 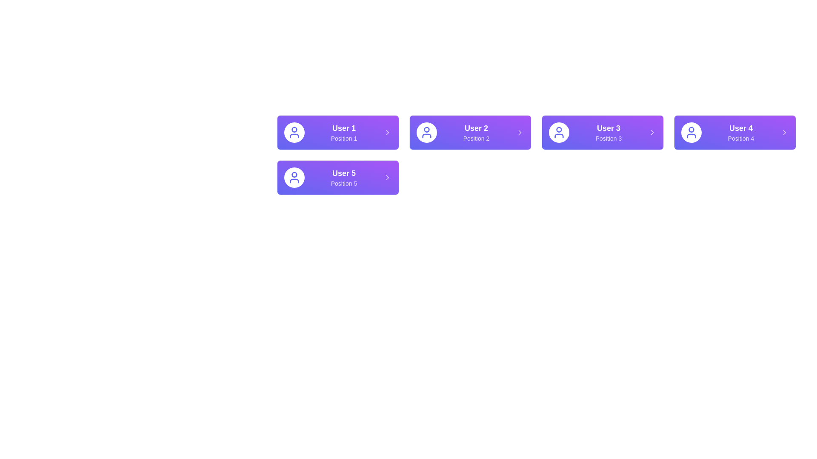 I want to click on the bold text label displaying 'User 2' which is styled in white over a purple background and is centrally located between 'User 1' and 'User 3', so click(x=476, y=128).